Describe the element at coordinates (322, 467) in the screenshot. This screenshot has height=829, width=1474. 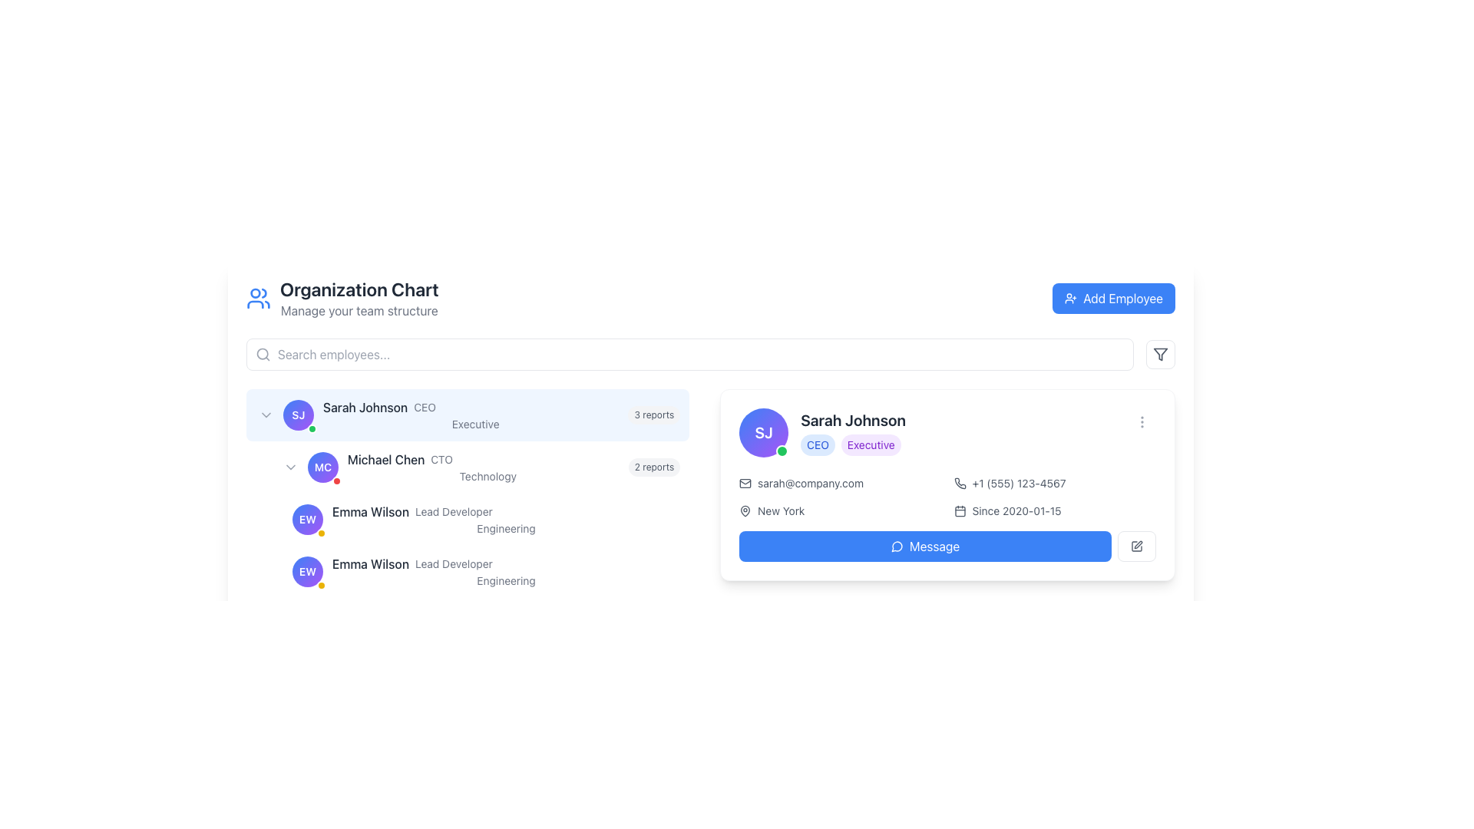
I see `the Avatar with initials representing the user 'Michael Chen', located in the left pane of the organizational chart, directly to the left of the name 'Michael Chen' and his role 'CTO'` at that location.